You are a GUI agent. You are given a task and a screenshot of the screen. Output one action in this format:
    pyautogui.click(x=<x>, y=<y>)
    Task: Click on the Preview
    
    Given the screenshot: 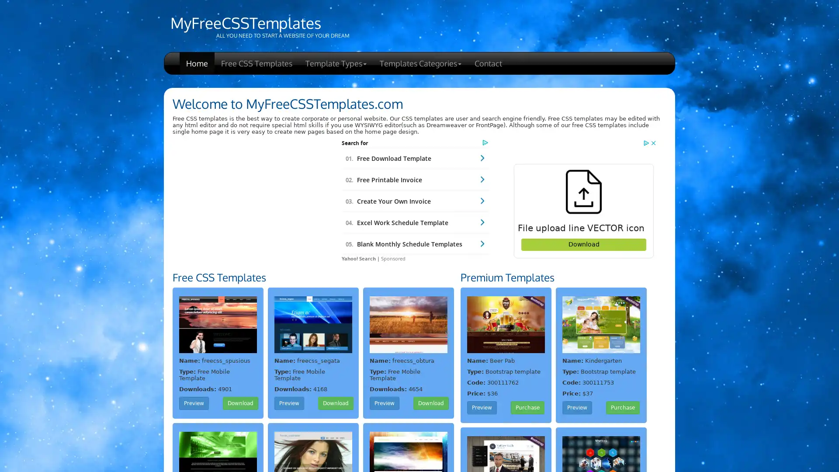 What is the action you would take?
    pyautogui.click(x=482, y=408)
    